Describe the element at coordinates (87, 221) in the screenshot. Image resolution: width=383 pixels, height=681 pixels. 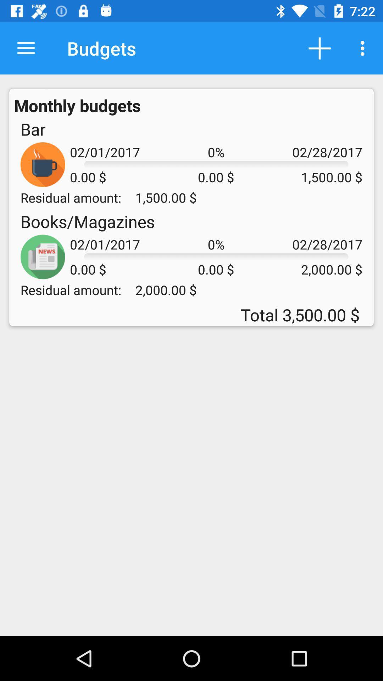
I see `the books/magazines item` at that location.